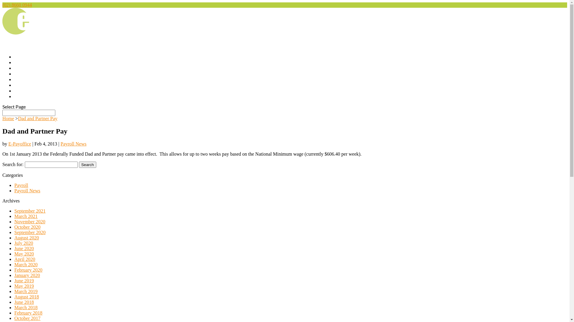  What do you see at coordinates (24, 286) in the screenshot?
I see `'May 2019'` at bounding box center [24, 286].